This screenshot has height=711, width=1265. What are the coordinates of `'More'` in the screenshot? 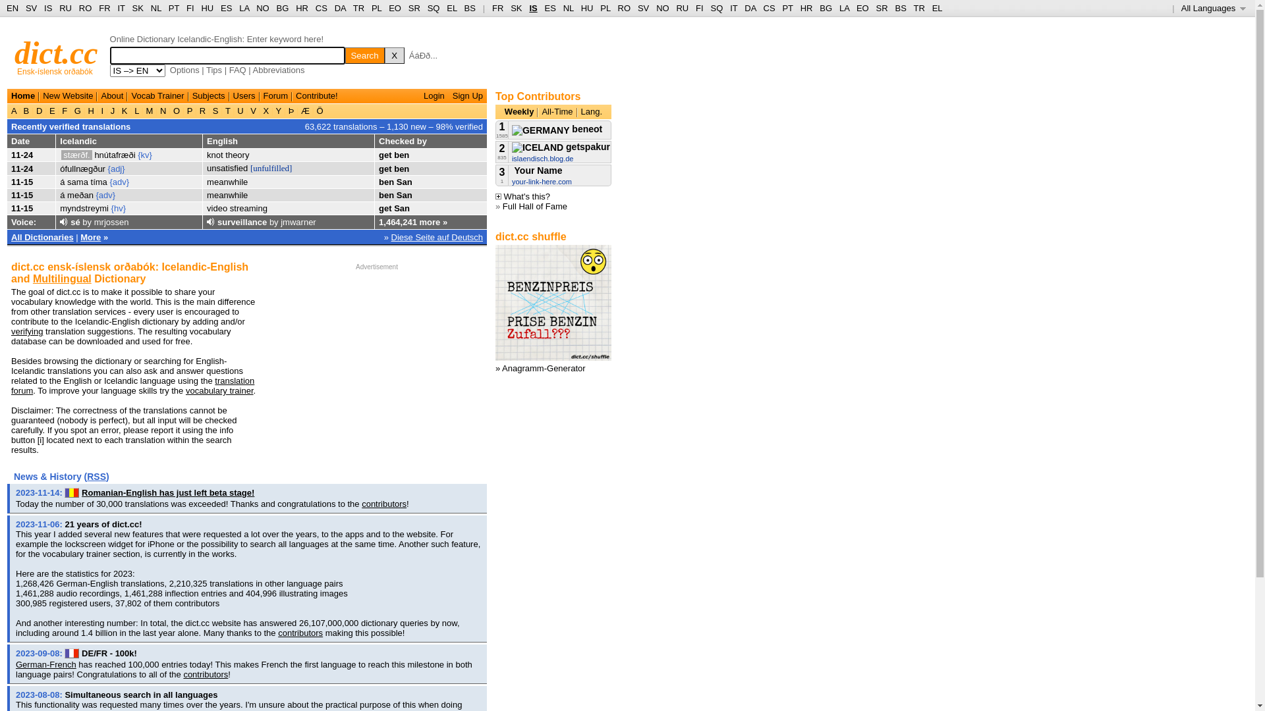 It's located at (79, 236).